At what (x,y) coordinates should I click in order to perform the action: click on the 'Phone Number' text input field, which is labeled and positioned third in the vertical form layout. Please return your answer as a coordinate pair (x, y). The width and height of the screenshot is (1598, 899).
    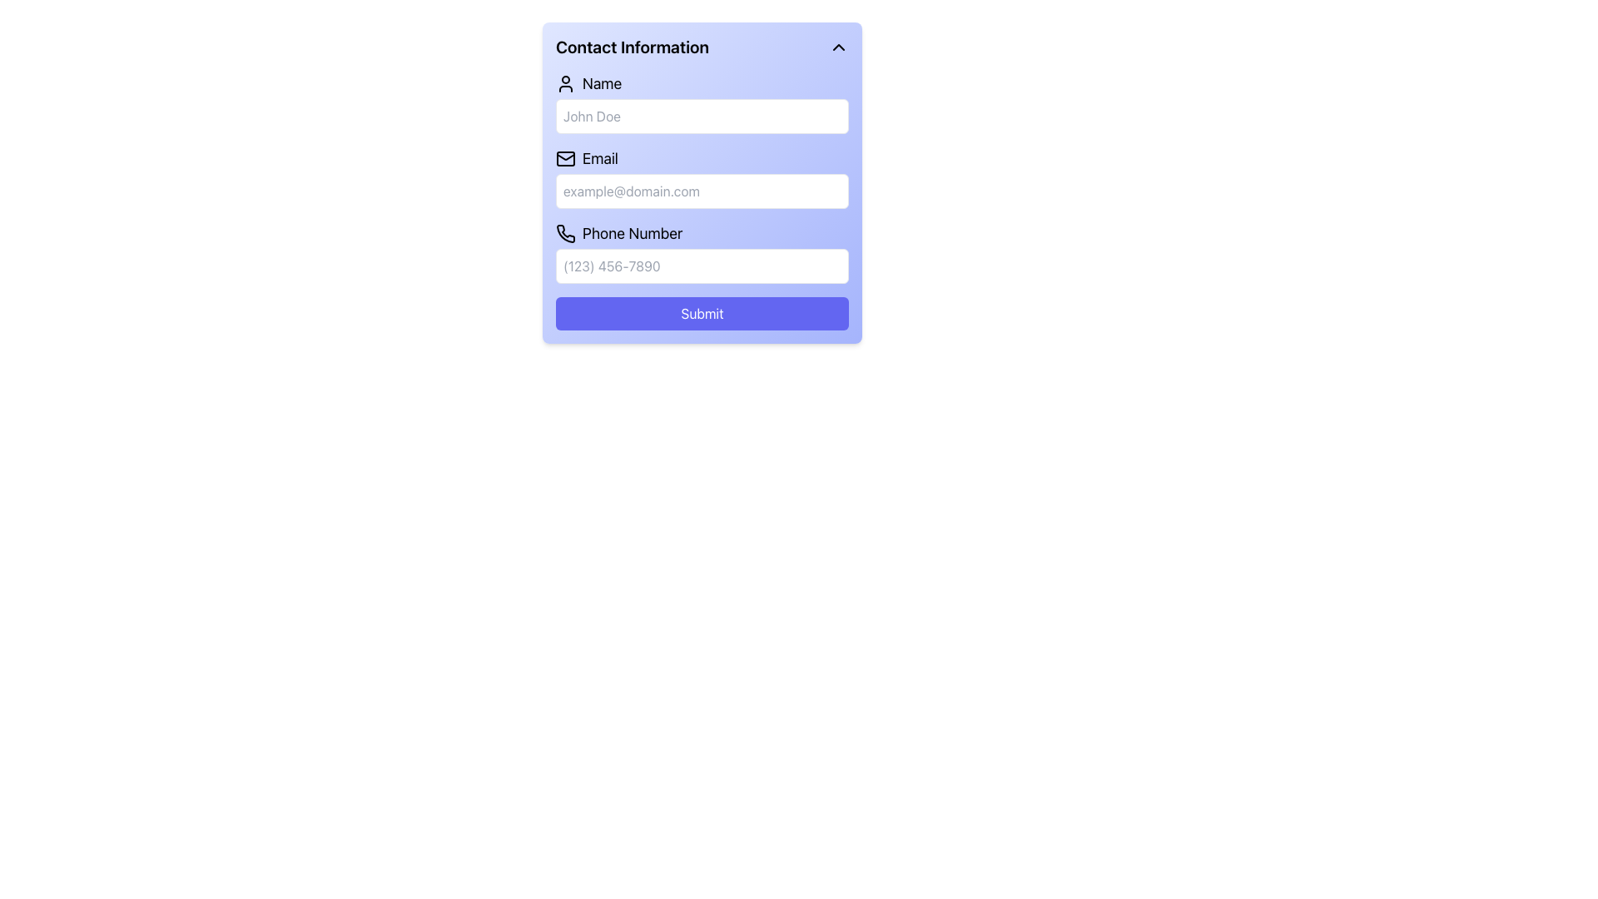
    Looking at the image, I should click on (702, 253).